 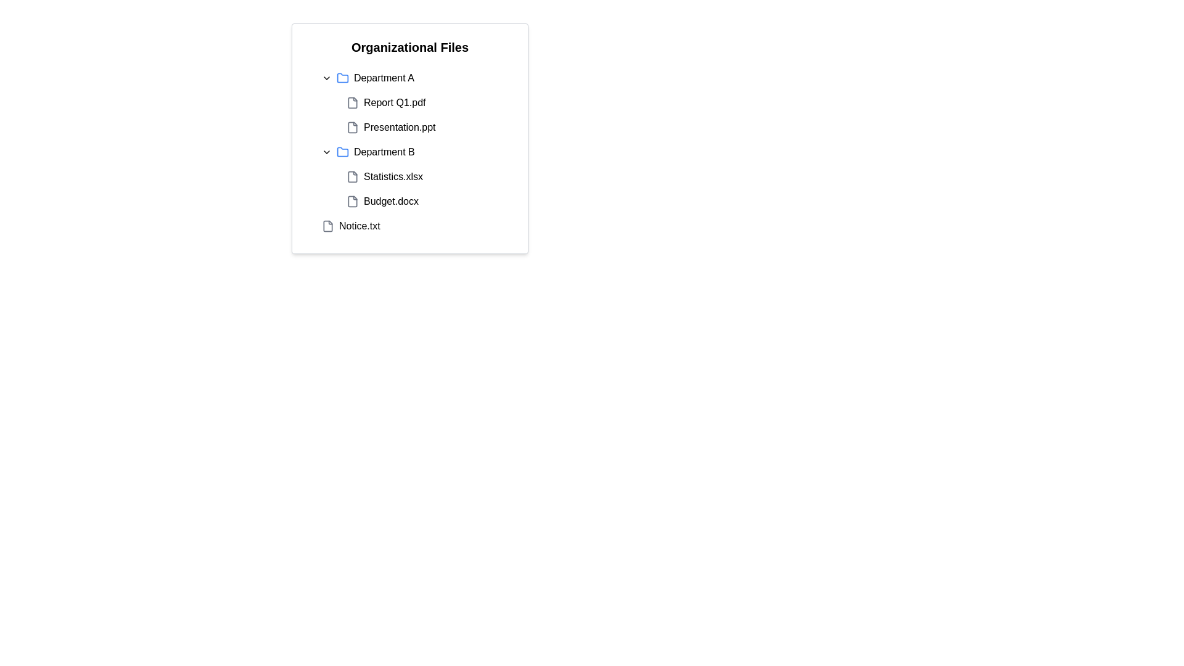 What do you see at coordinates (326, 151) in the screenshot?
I see `the downward-pointing chevron icon in the 'Department B' row to trigger possible highlighting` at bounding box center [326, 151].